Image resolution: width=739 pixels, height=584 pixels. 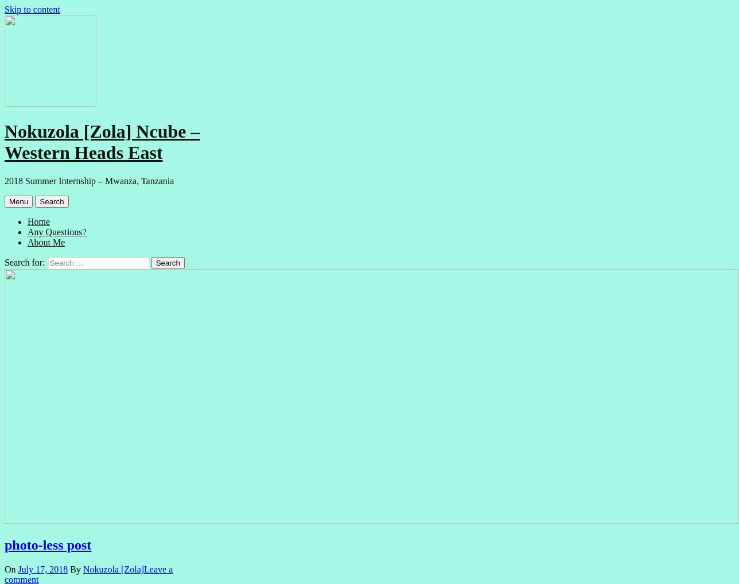 I want to click on 'On', so click(x=4, y=569).